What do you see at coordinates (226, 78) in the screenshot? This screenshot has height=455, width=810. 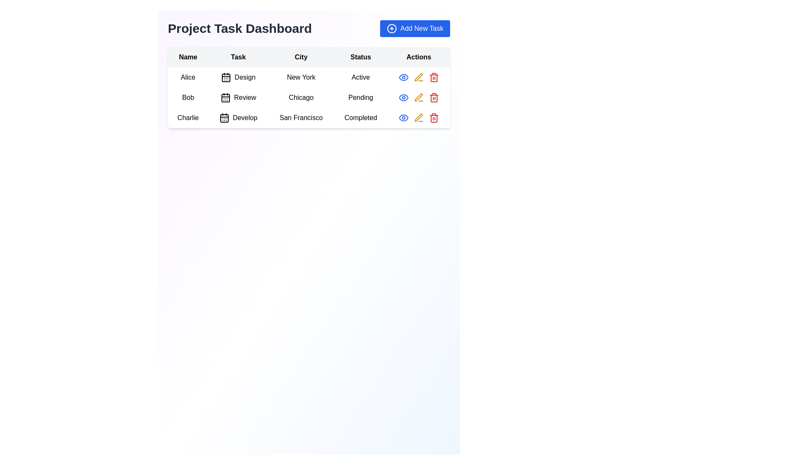 I see `the small black and white calendar icon located in the Task column of the table, specifically in the first row next to the text 'Design'` at bounding box center [226, 78].